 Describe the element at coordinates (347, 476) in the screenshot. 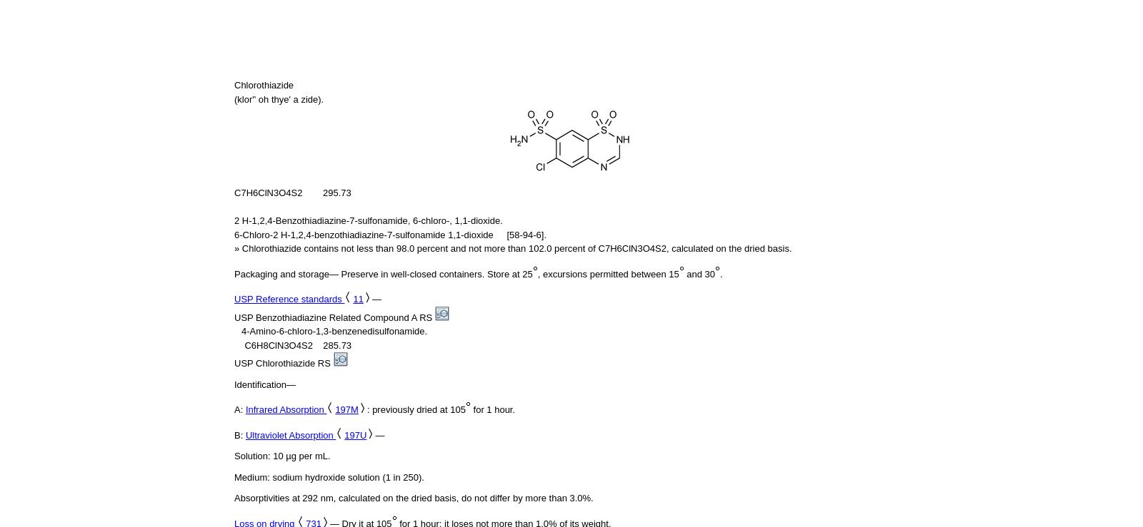

I see `'sodium hydroxide solution (1 in 250).'` at that location.